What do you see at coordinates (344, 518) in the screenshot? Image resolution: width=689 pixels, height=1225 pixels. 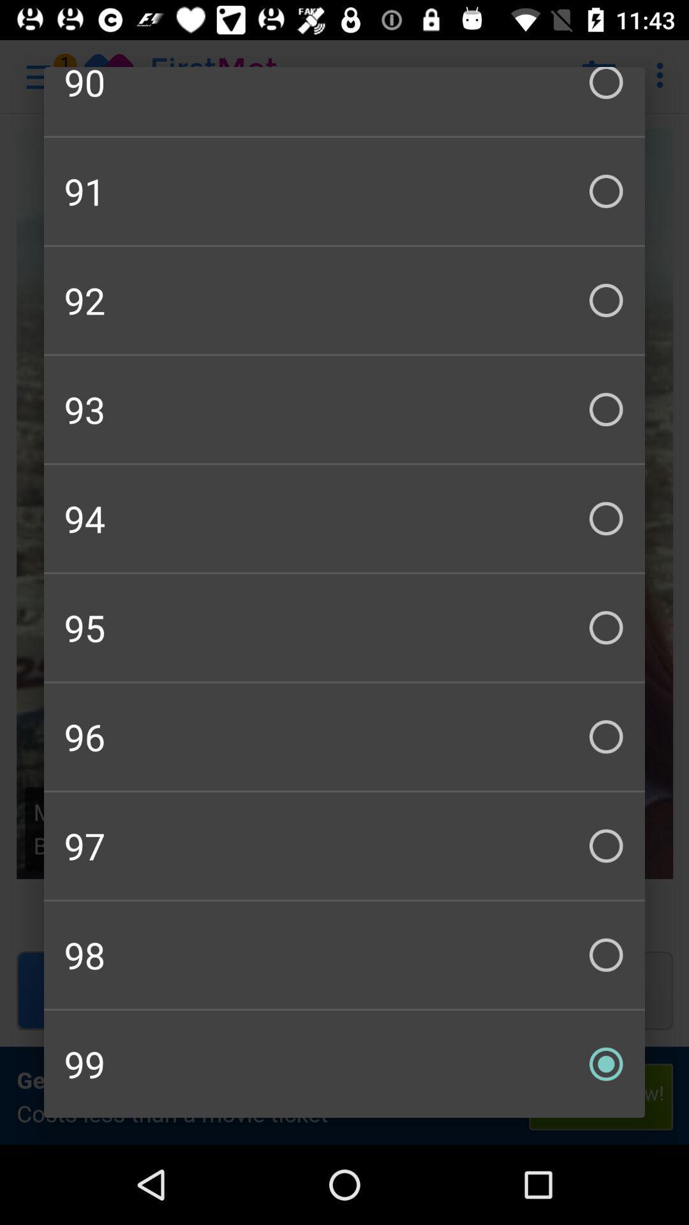 I see `item below 93 item` at bounding box center [344, 518].